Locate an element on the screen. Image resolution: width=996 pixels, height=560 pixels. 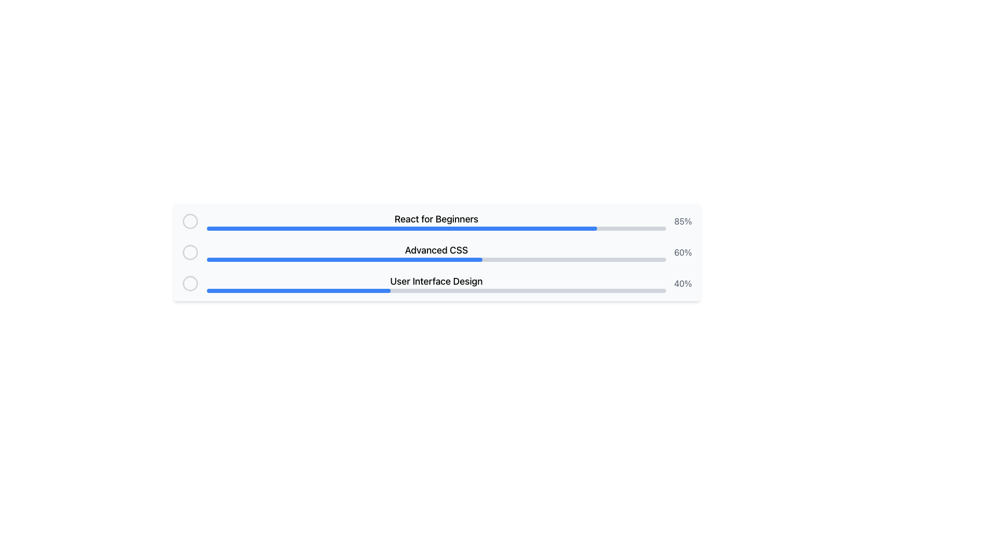
the progress bar titled 'Advanced CSS' to interact with its associated functionality is located at coordinates (437, 252).